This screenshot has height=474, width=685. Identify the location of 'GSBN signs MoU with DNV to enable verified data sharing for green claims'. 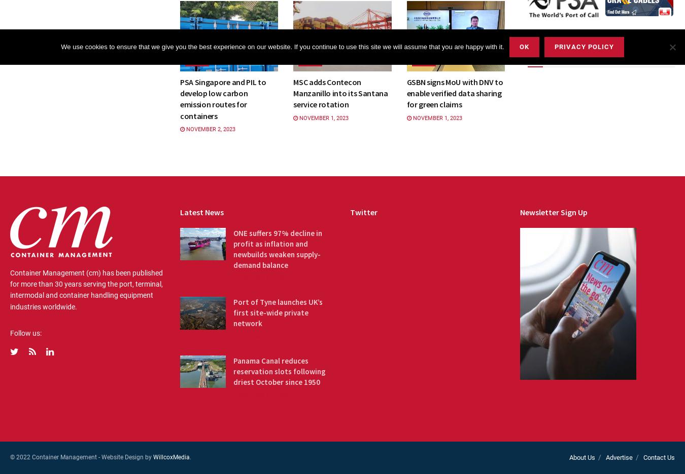
(454, 92).